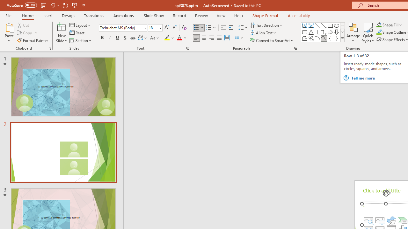 This screenshot has height=229, width=408. What do you see at coordinates (403, 220) in the screenshot?
I see `'Insert a SmartArt Graphic'` at bounding box center [403, 220].